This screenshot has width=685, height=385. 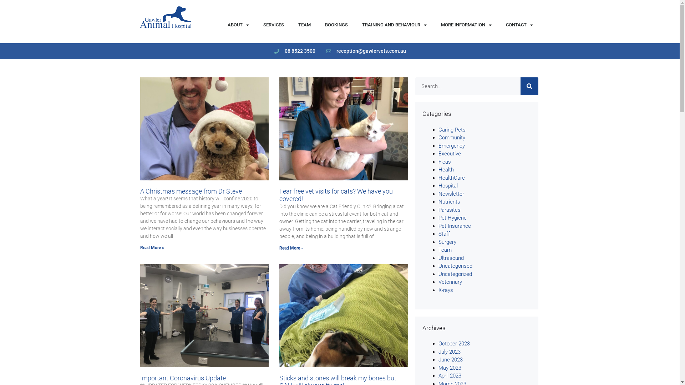 What do you see at coordinates (140, 191) in the screenshot?
I see `'A Christmas message from Dr Steve'` at bounding box center [140, 191].